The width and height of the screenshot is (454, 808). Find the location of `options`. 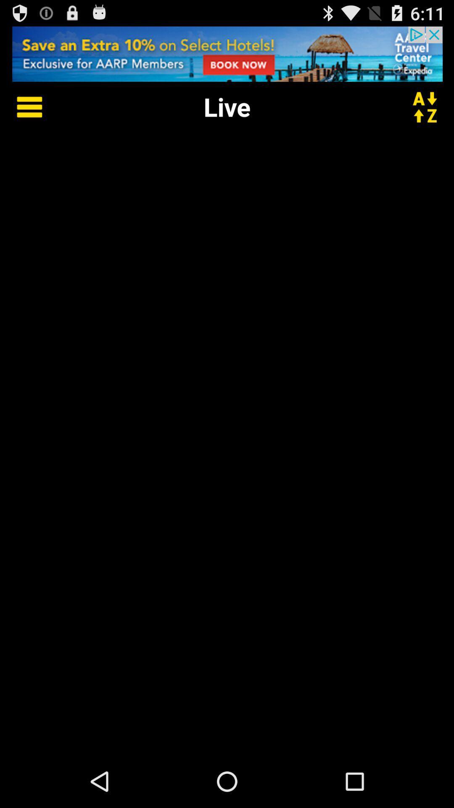

options is located at coordinates (23, 106).